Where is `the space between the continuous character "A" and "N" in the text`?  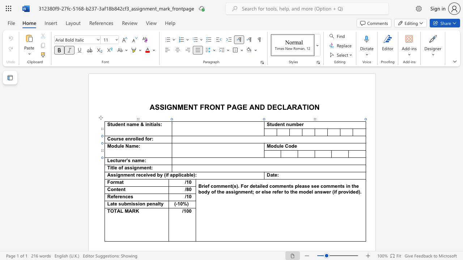
the space between the continuous character "A" and "N" in the text is located at coordinates (254, 107).